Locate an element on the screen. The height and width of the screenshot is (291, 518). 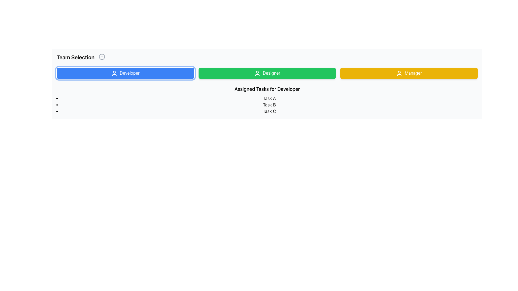
the button for adding a new item, located to the right of the 'Team Selection' title, to change its color is located at coordinates (102, 57).